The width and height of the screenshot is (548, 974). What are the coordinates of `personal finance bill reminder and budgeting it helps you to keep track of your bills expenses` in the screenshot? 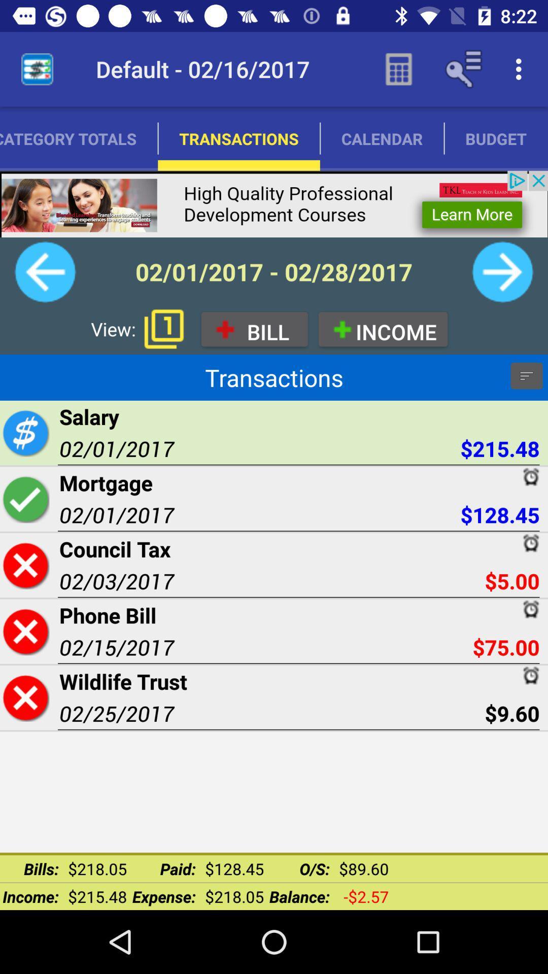 It's located at (502, 272).